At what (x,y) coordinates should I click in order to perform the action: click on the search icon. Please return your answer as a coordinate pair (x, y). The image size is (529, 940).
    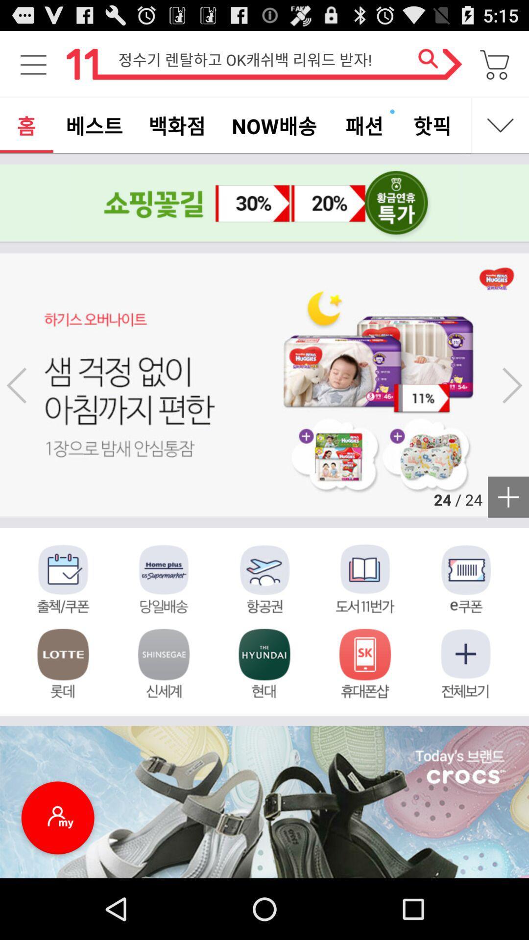
    Looking at the image, I should click on (433, 68).